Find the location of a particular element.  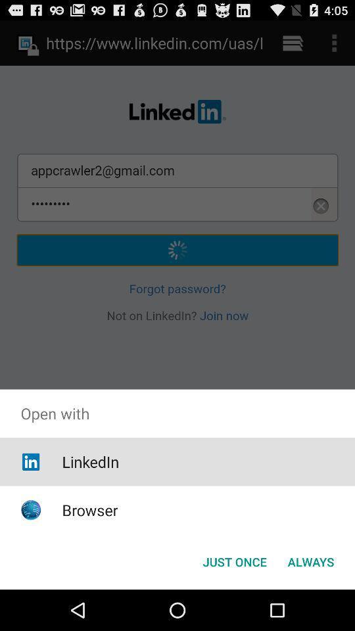

browser item is located at coordinates (89, 509).